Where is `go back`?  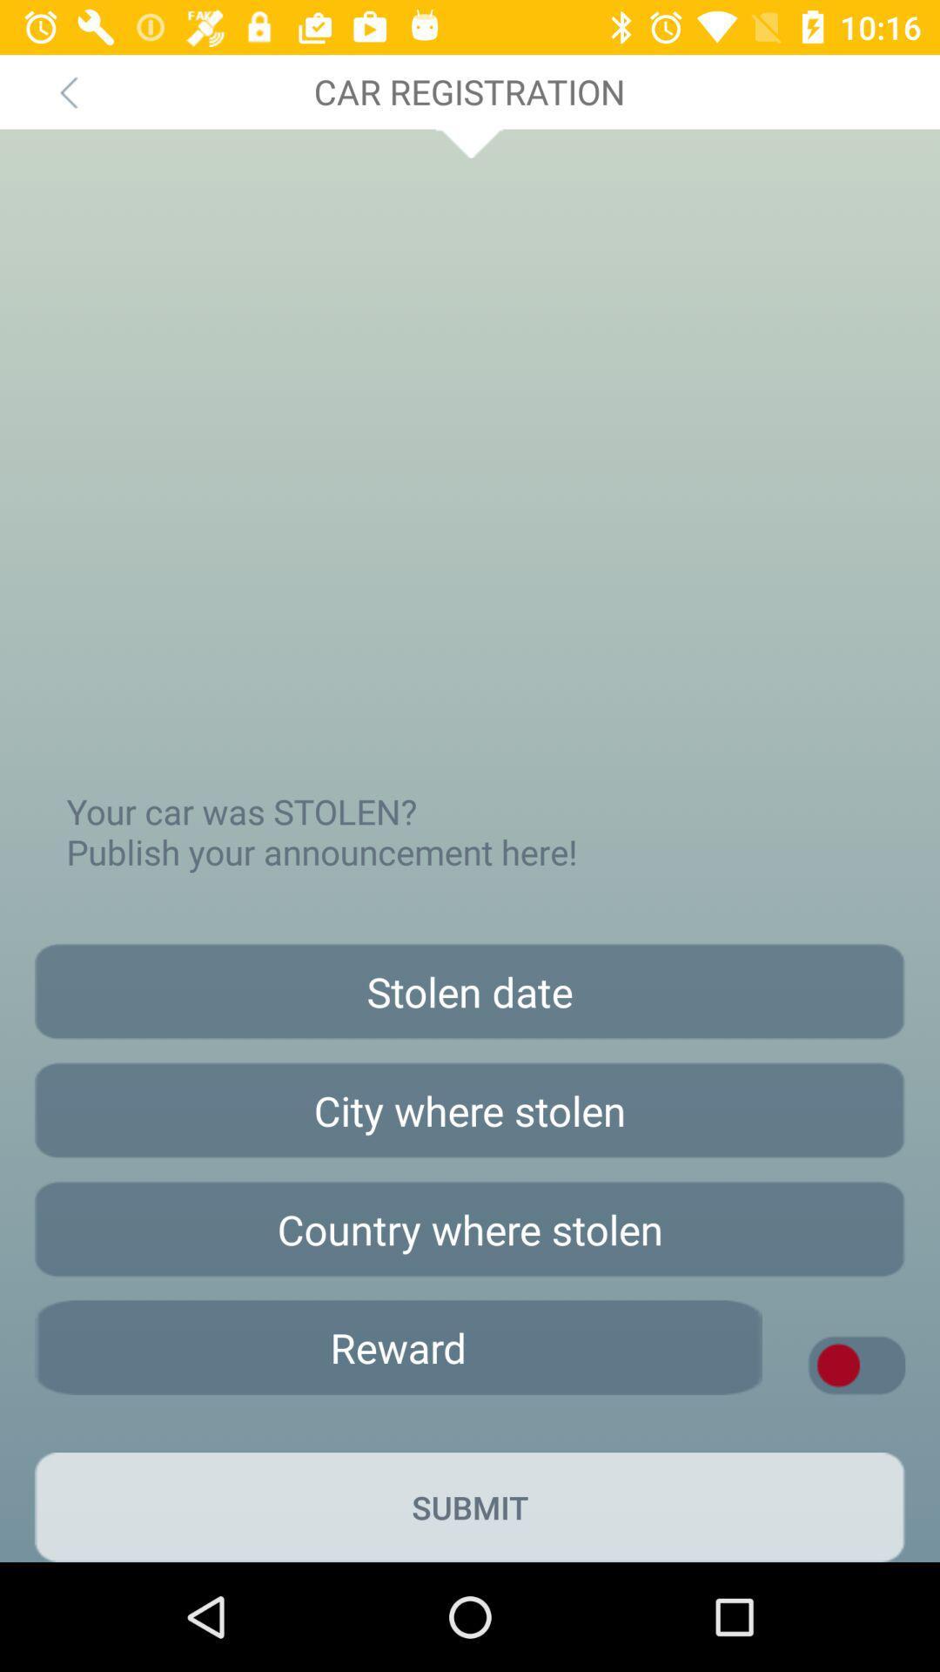
go back is located at coordinates (67, 91).